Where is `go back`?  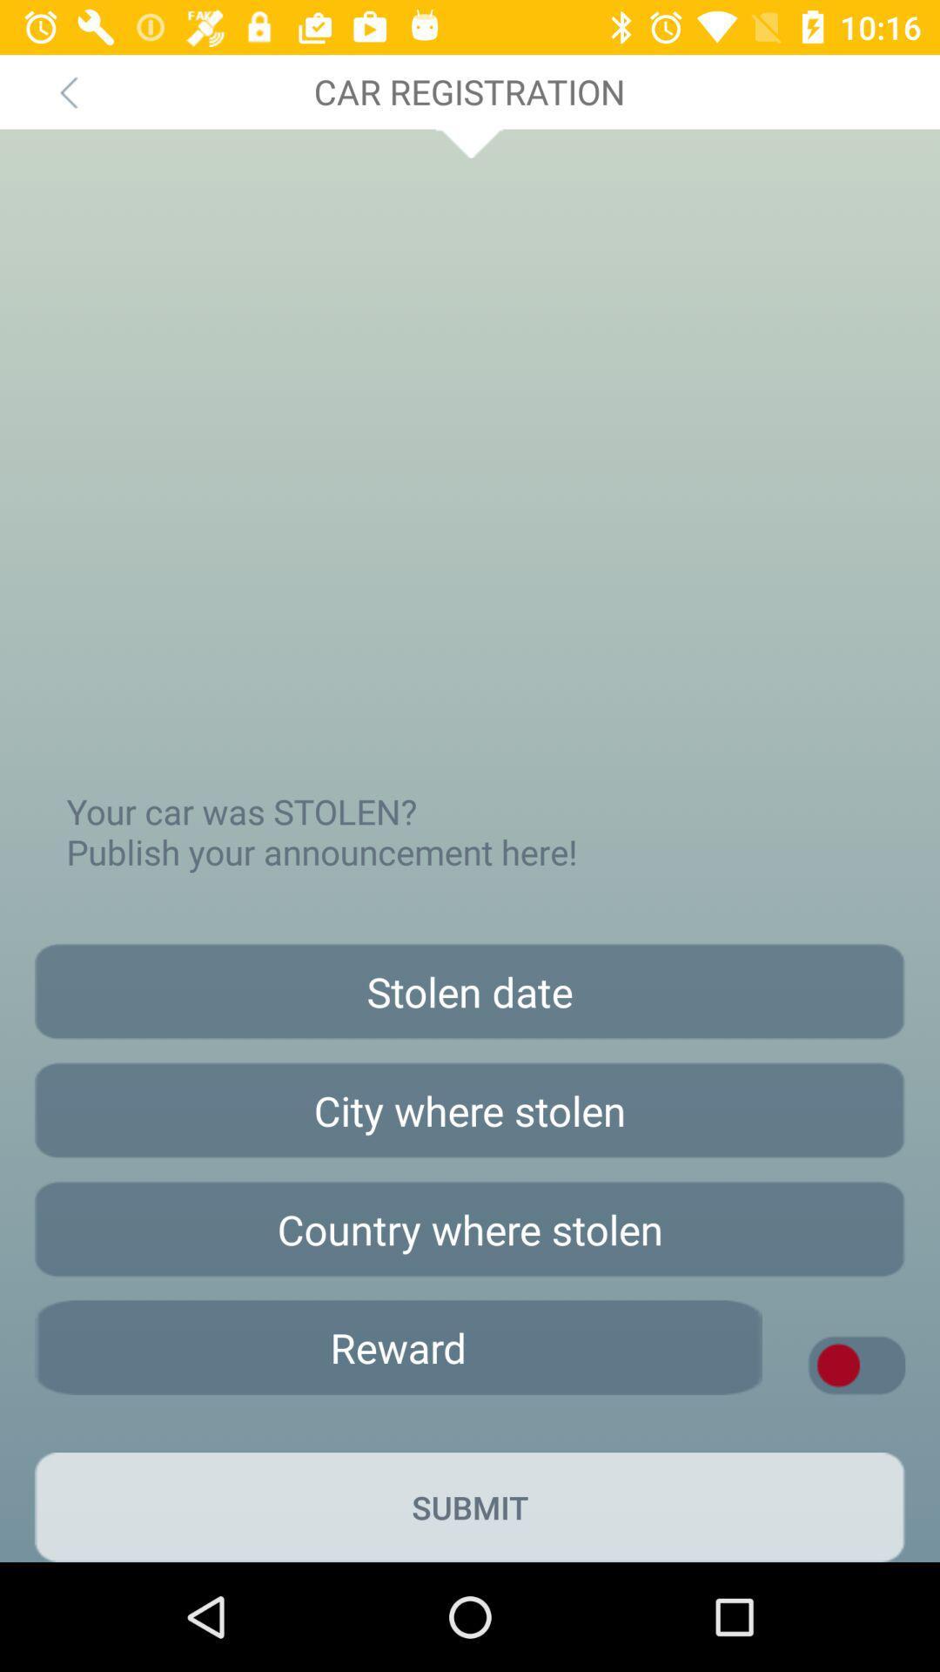
go back is located at coordinates (67, 91).